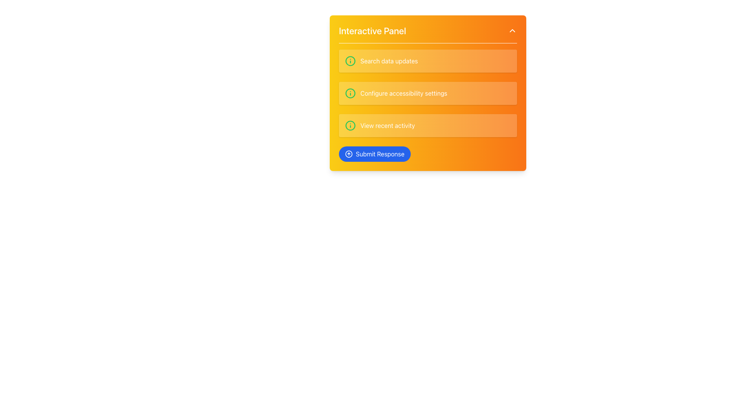 This screenshot has width=737, height=415. I want to click on the informational icon located on the left side of the 'View recent activity' text within the third item of the panel, so click(350, 125).